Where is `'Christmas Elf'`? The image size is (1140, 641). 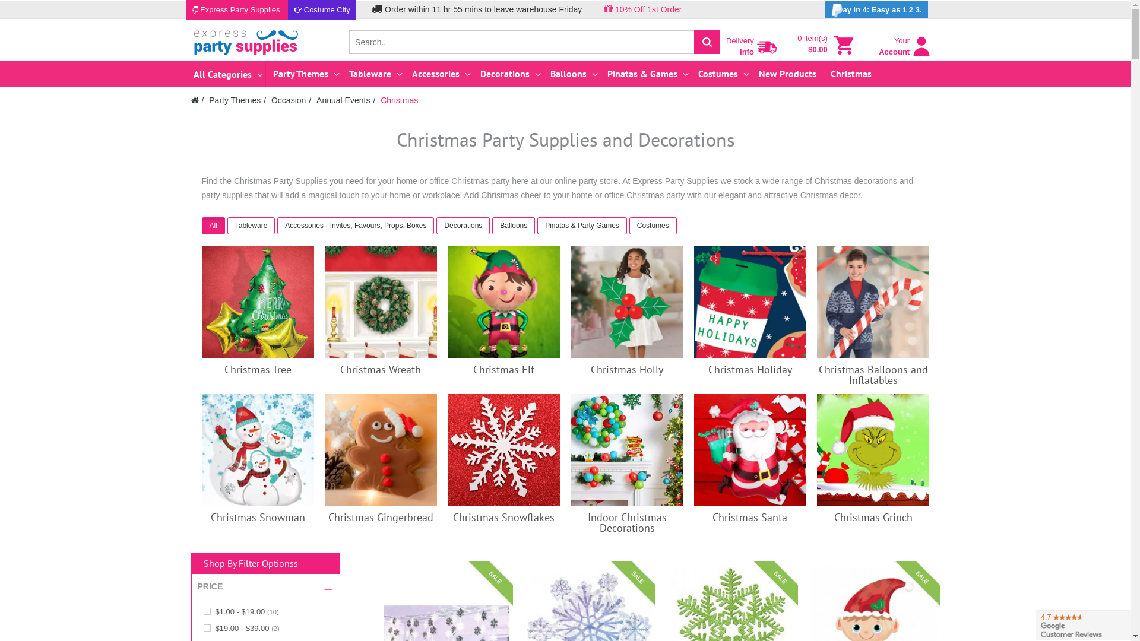 'Christmas Elf' is located at coordinates (503, 369).